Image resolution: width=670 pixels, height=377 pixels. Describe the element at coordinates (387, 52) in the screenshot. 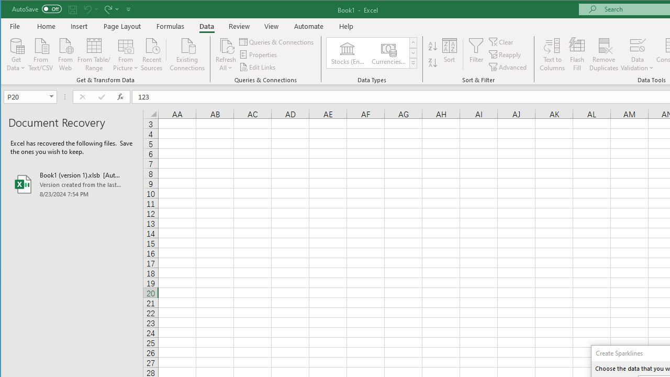

I see `'Currencies (English)'` at that location.